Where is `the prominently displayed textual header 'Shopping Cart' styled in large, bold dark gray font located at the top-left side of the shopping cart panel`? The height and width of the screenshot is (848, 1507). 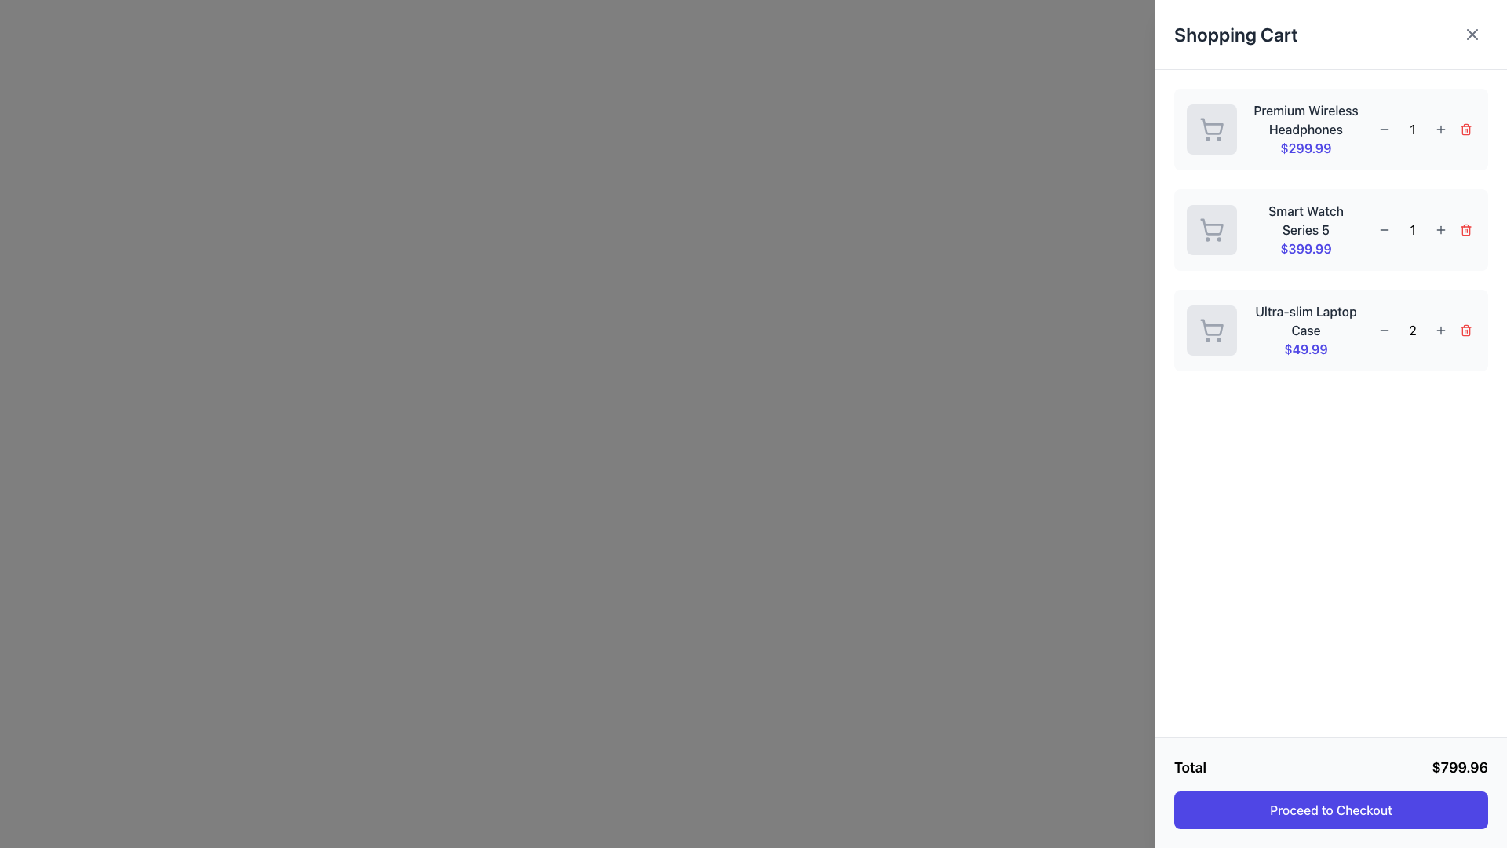 the prominently displayed textual header 'Shopping Cart' styled in large, bold dark gray font located at the top-left side of the shopping cart panel is located at coordinates (1235, 34).